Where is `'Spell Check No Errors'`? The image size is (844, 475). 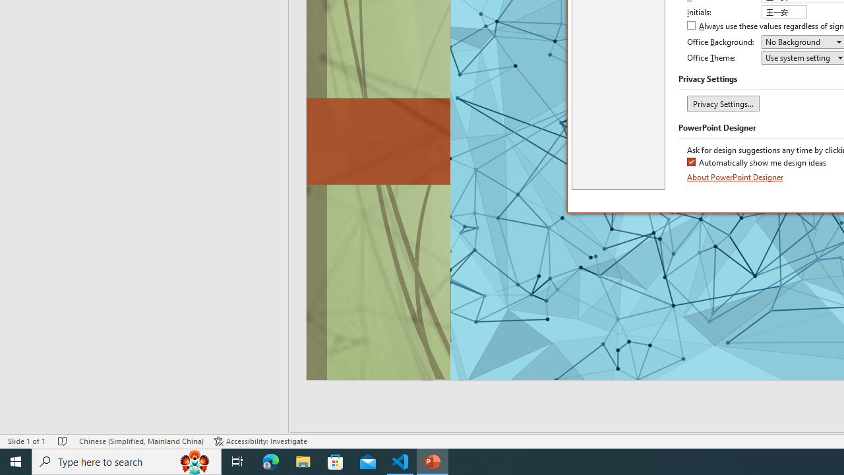
'Spell Check No Errors' is located at coordinates (63, 441).